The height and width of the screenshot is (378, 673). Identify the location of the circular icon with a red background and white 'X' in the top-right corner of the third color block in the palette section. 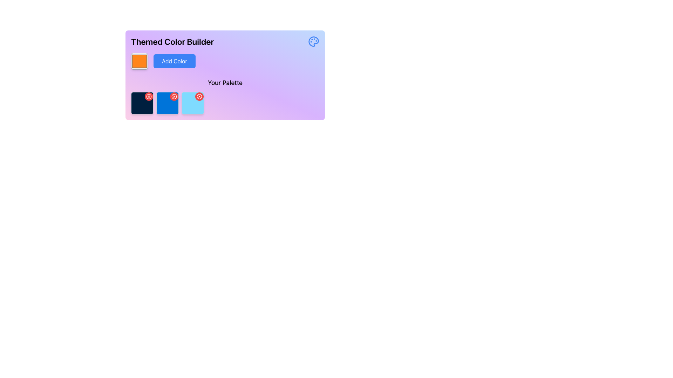
(199, 97).